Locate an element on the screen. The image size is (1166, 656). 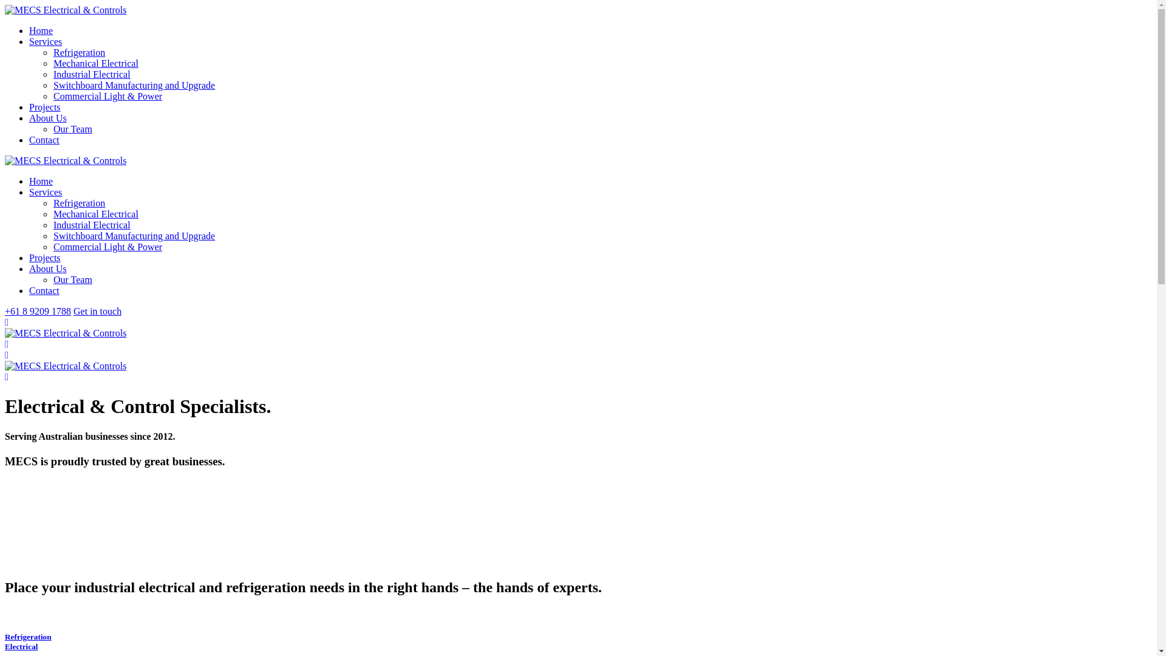
'+61 8 9209 1788' is located at coordinates (38, 310).